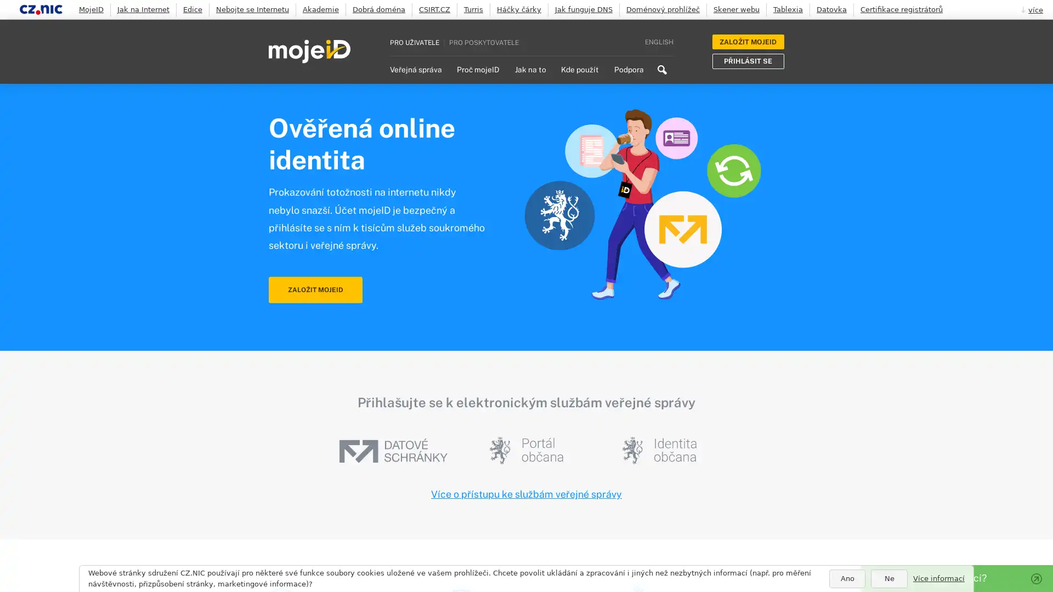 This screenshot has height=592, width=1053. I want to click on Search icon, so click(735, 45).